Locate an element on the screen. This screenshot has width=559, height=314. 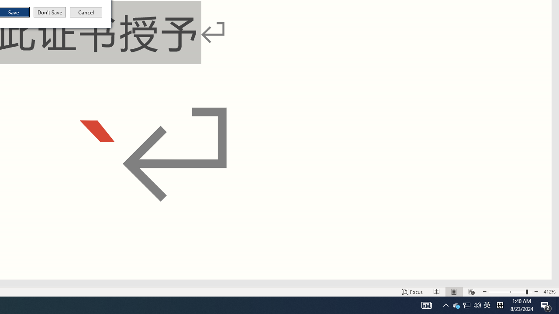
'User Promoted Notification Area' is located at coordinates (466, 304).